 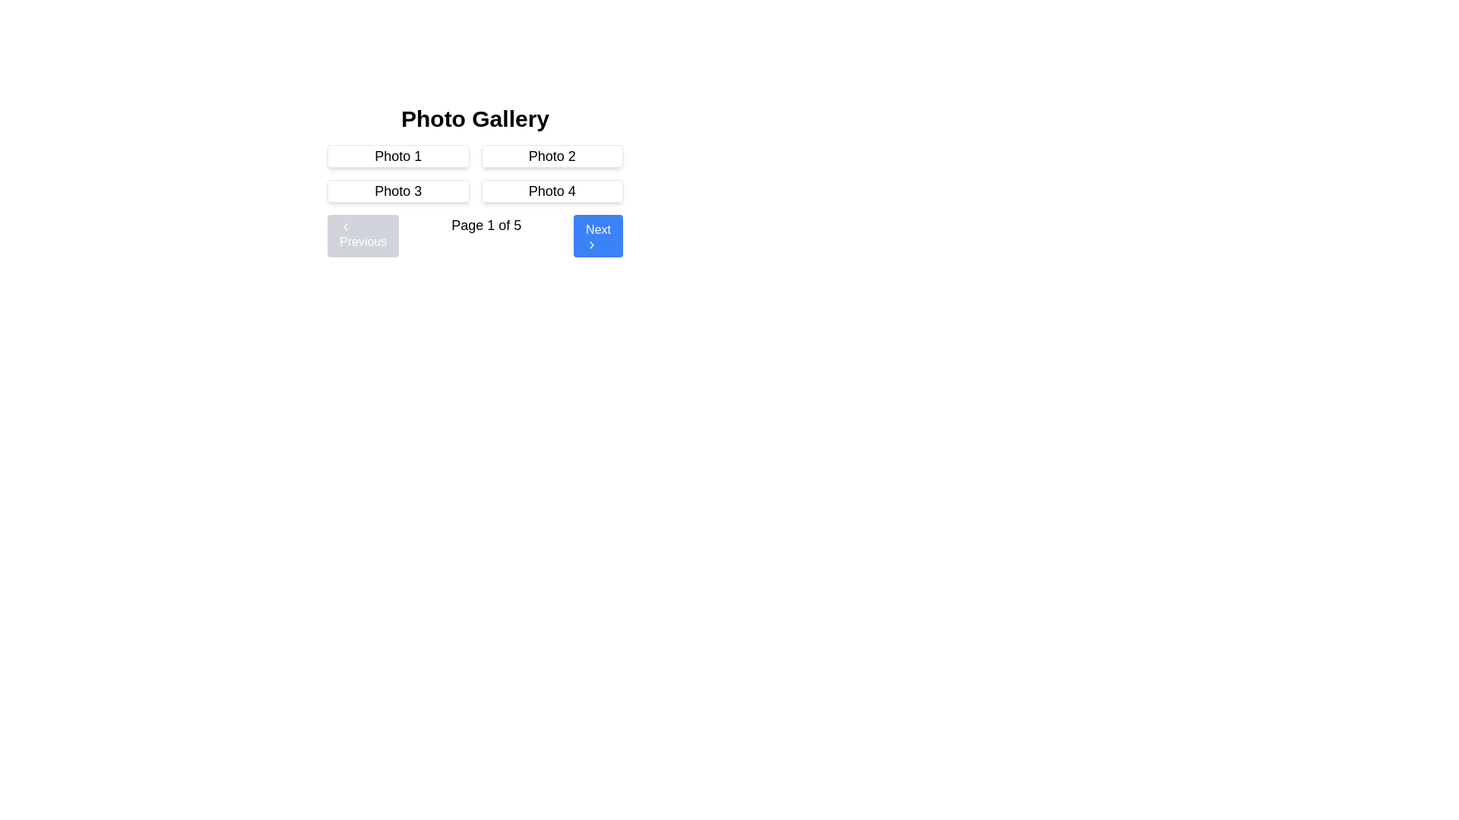 I want to click on the rectangular button labeled 'Photo 4' located in the second row, second column of the grid layout, so click(x=551, y=190).